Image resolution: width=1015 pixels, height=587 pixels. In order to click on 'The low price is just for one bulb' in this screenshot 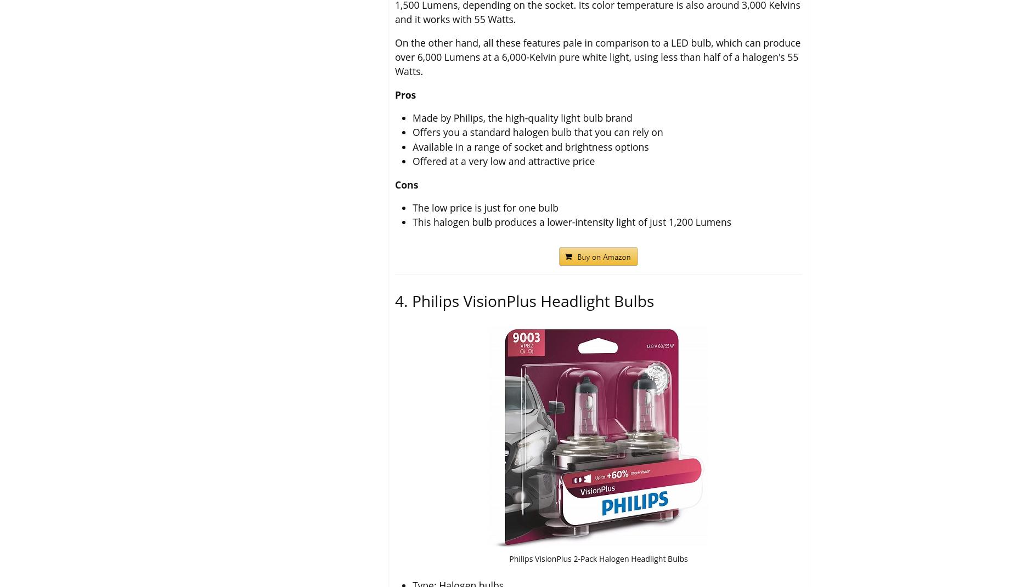, I will do `click(486, 207)`.